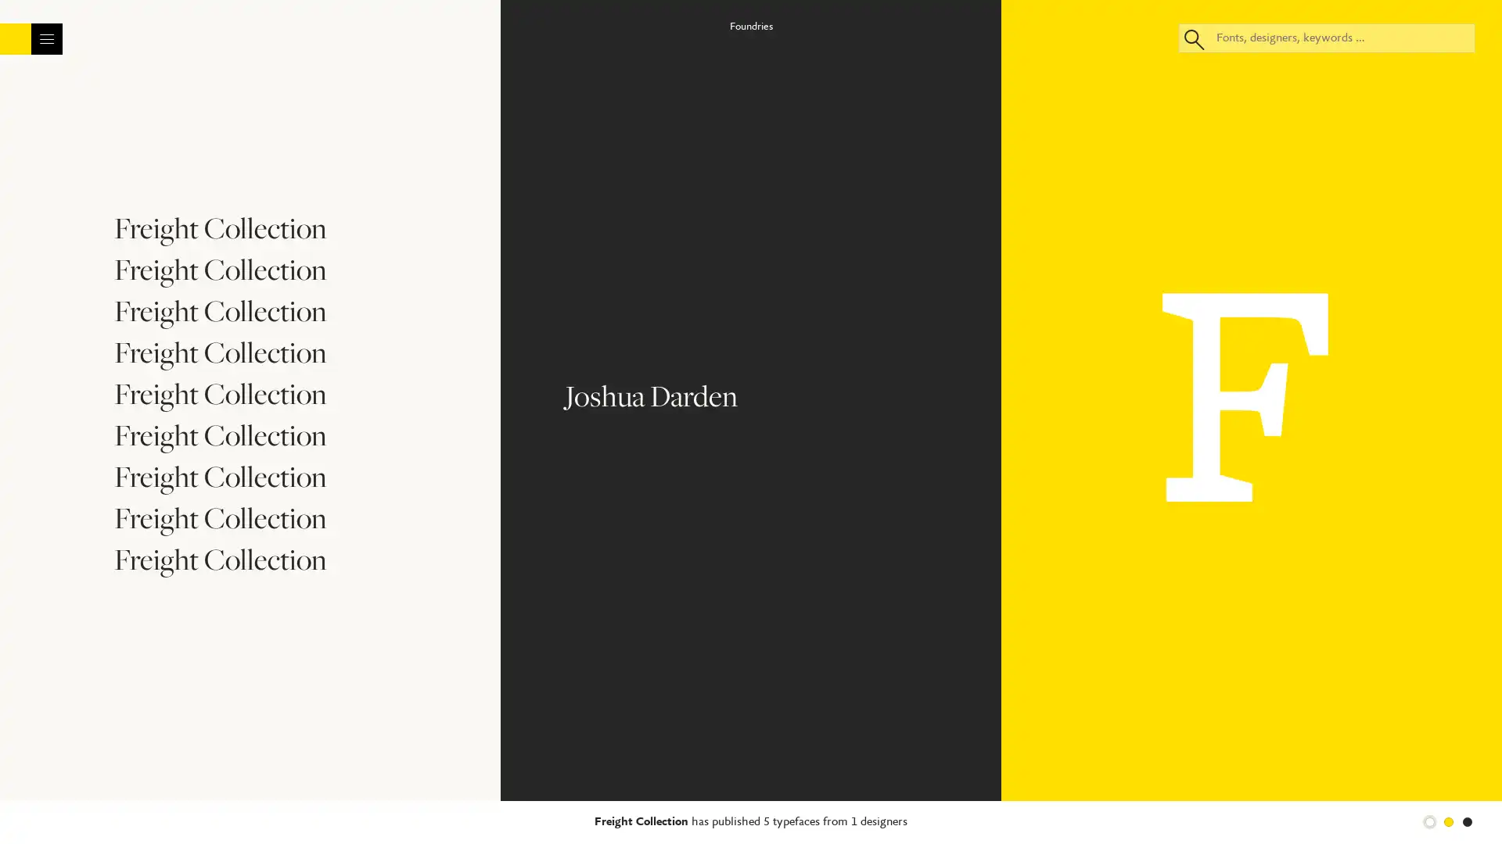 This screenshot has width=1502, height=844. I want to click on Close, so click(1475, 809).